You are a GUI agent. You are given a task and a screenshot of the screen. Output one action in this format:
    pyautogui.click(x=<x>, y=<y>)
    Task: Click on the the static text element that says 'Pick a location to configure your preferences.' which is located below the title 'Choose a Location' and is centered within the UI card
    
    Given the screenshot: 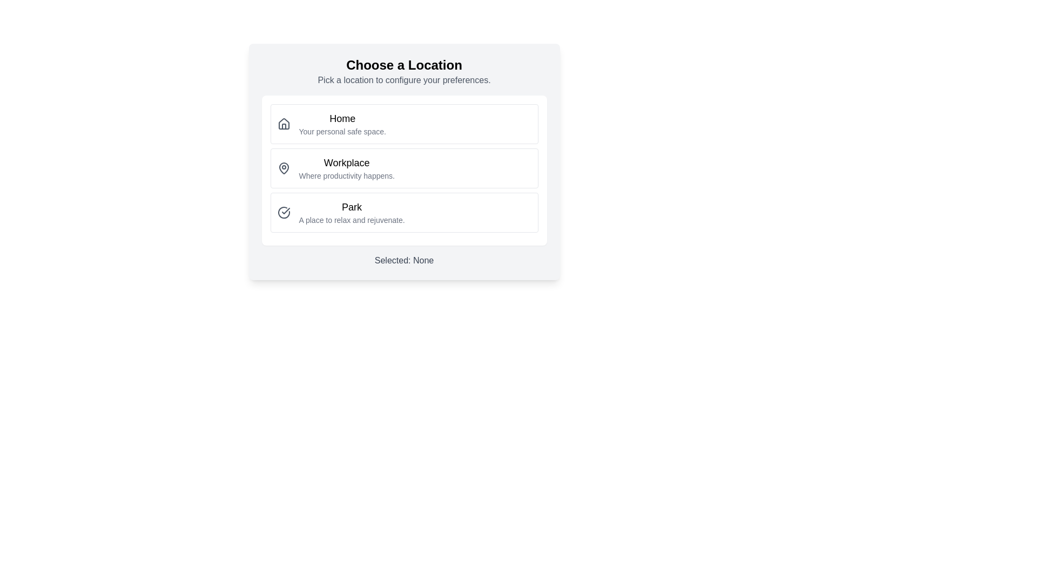 What is the action you would take?
    pyautogui.click(x=403, y=80)
    